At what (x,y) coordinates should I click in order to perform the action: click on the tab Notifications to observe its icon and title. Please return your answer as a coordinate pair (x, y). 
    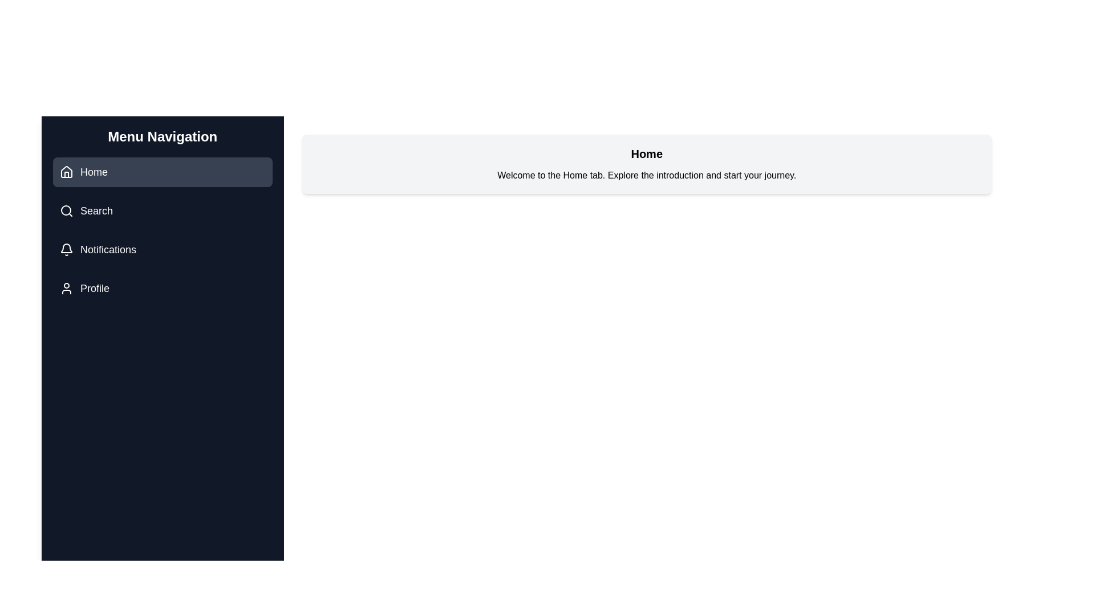
    Looking at the image, I should click on (162, 249).